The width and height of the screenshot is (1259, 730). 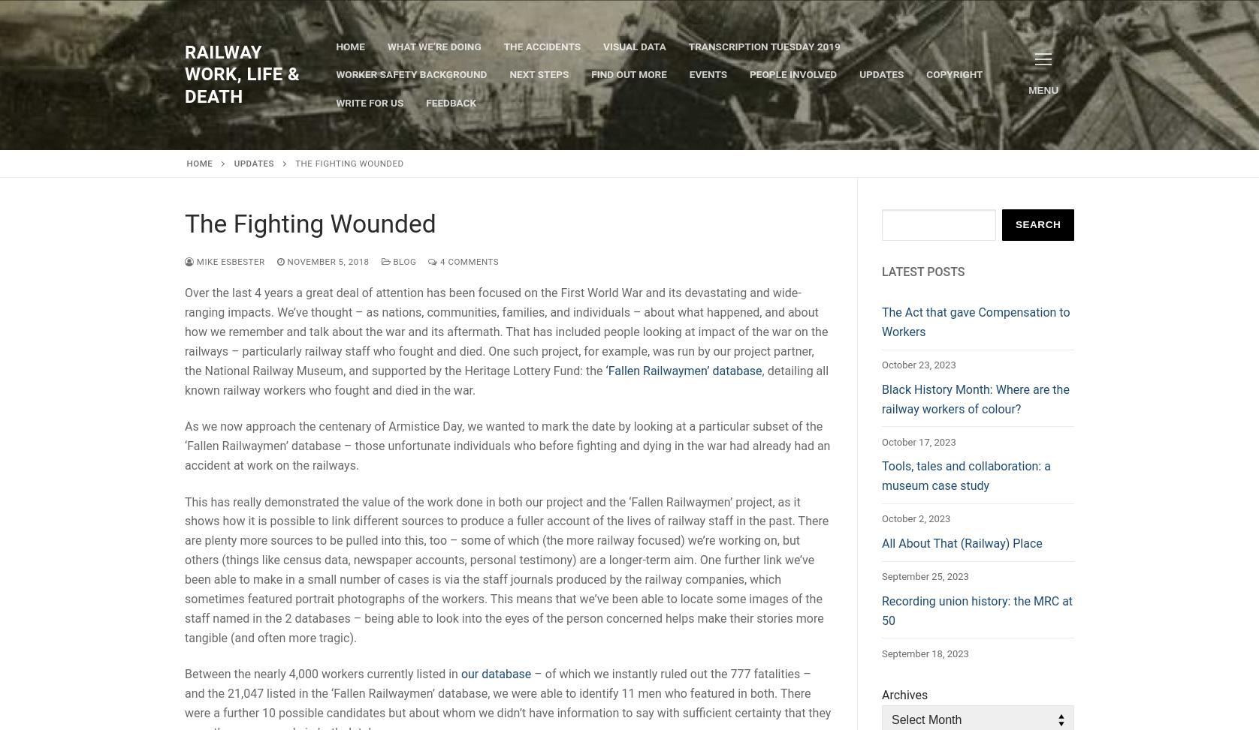 What do you see at coordinates (924, 653) in the screenshot?
I see `'September 18, 2023'` at bounding box center [924, 653].